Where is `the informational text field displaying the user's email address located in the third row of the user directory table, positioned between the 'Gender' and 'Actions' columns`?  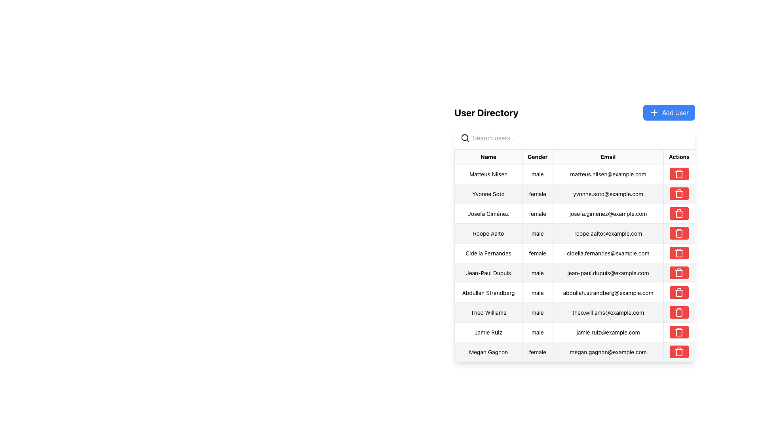
the informational text field displaying the user's email address located in the third row of the user directory table, positioned between the 'Gender' and 'Actions' columns is located at coordinates (608, 213).